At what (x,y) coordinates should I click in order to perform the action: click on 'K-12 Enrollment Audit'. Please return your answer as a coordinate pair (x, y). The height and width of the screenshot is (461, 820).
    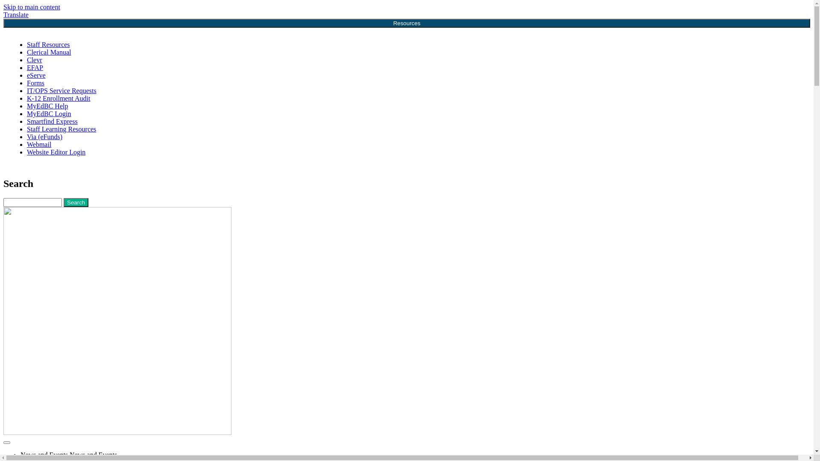
    Looking at the image, I should click on (26, 98).